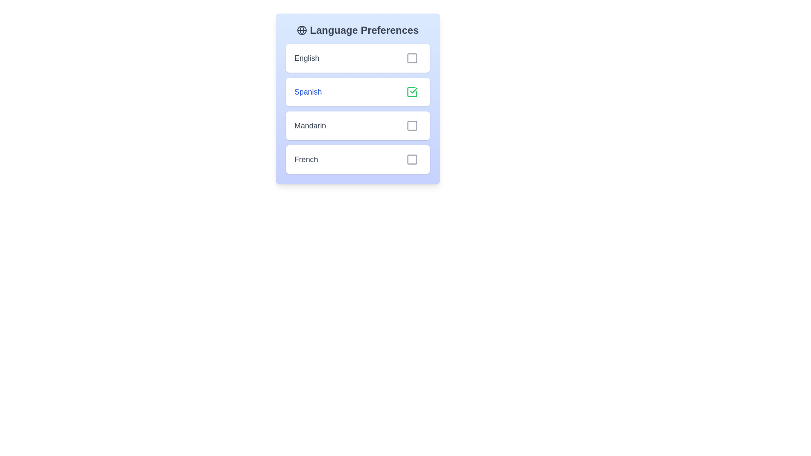 The image size is (811, 456). What do you see at coordinates (305, 160) in the screenshot?
I see `the 'French' text label, which is bold and gray, located in the fourth row of language options` at bounding box center [305, 160].